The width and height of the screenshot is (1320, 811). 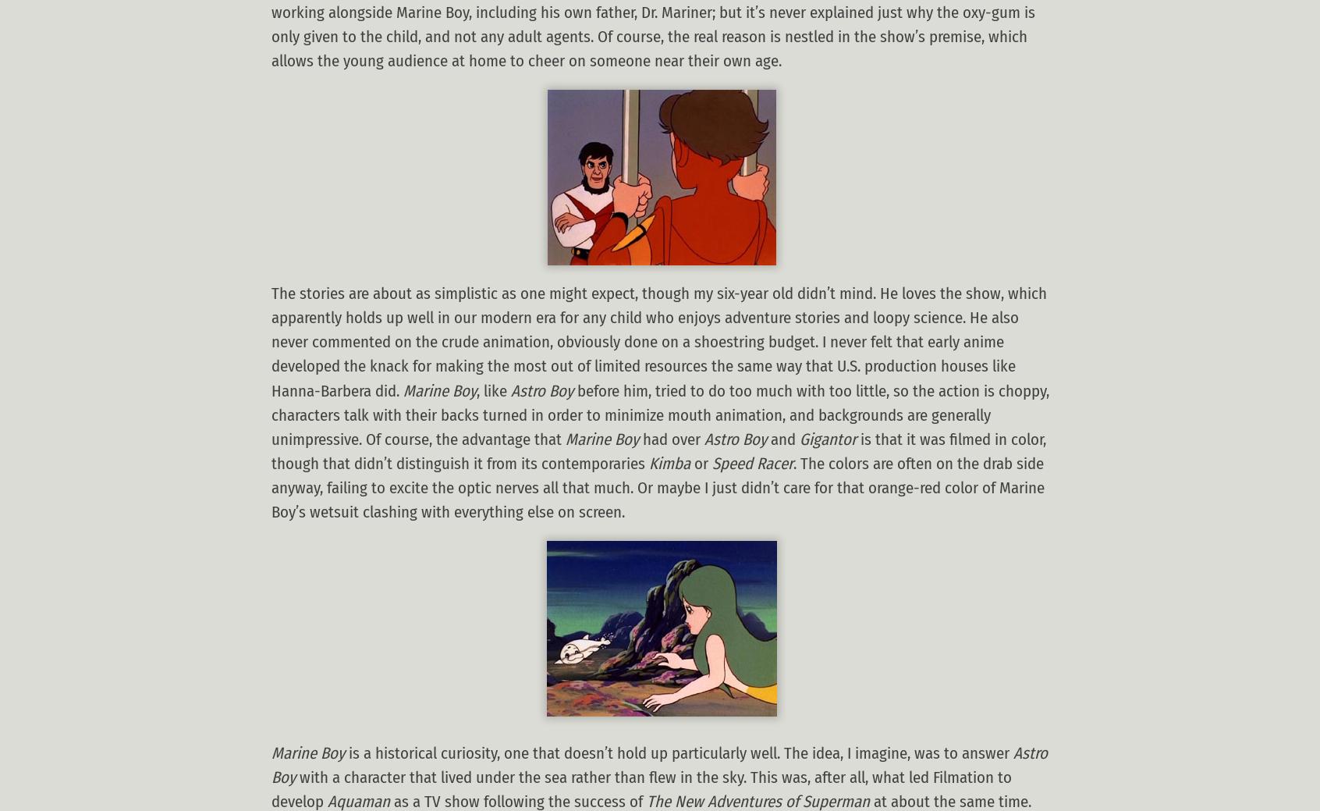 What do you see at coordinates (700, 464) in the screenshot?
I see `'or'` at bounding box center [700, 464].